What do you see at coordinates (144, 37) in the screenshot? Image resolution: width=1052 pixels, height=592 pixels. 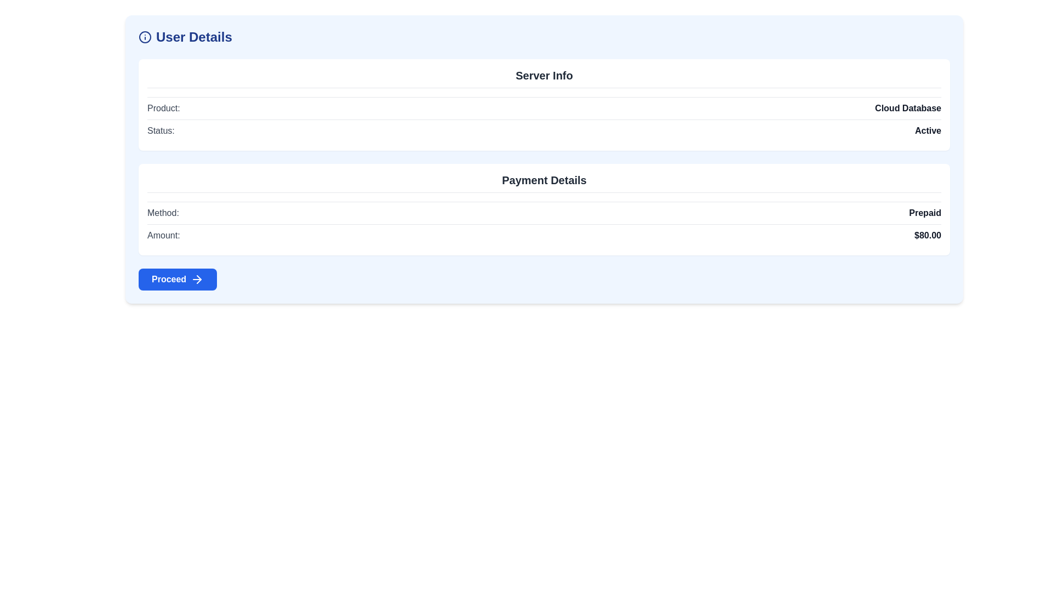 I see `the SVG circle element that visually represents an informational icon, located near the top-left corner of the interface, adjacent to the title 'User Details'` at bounding box center [144, 37].